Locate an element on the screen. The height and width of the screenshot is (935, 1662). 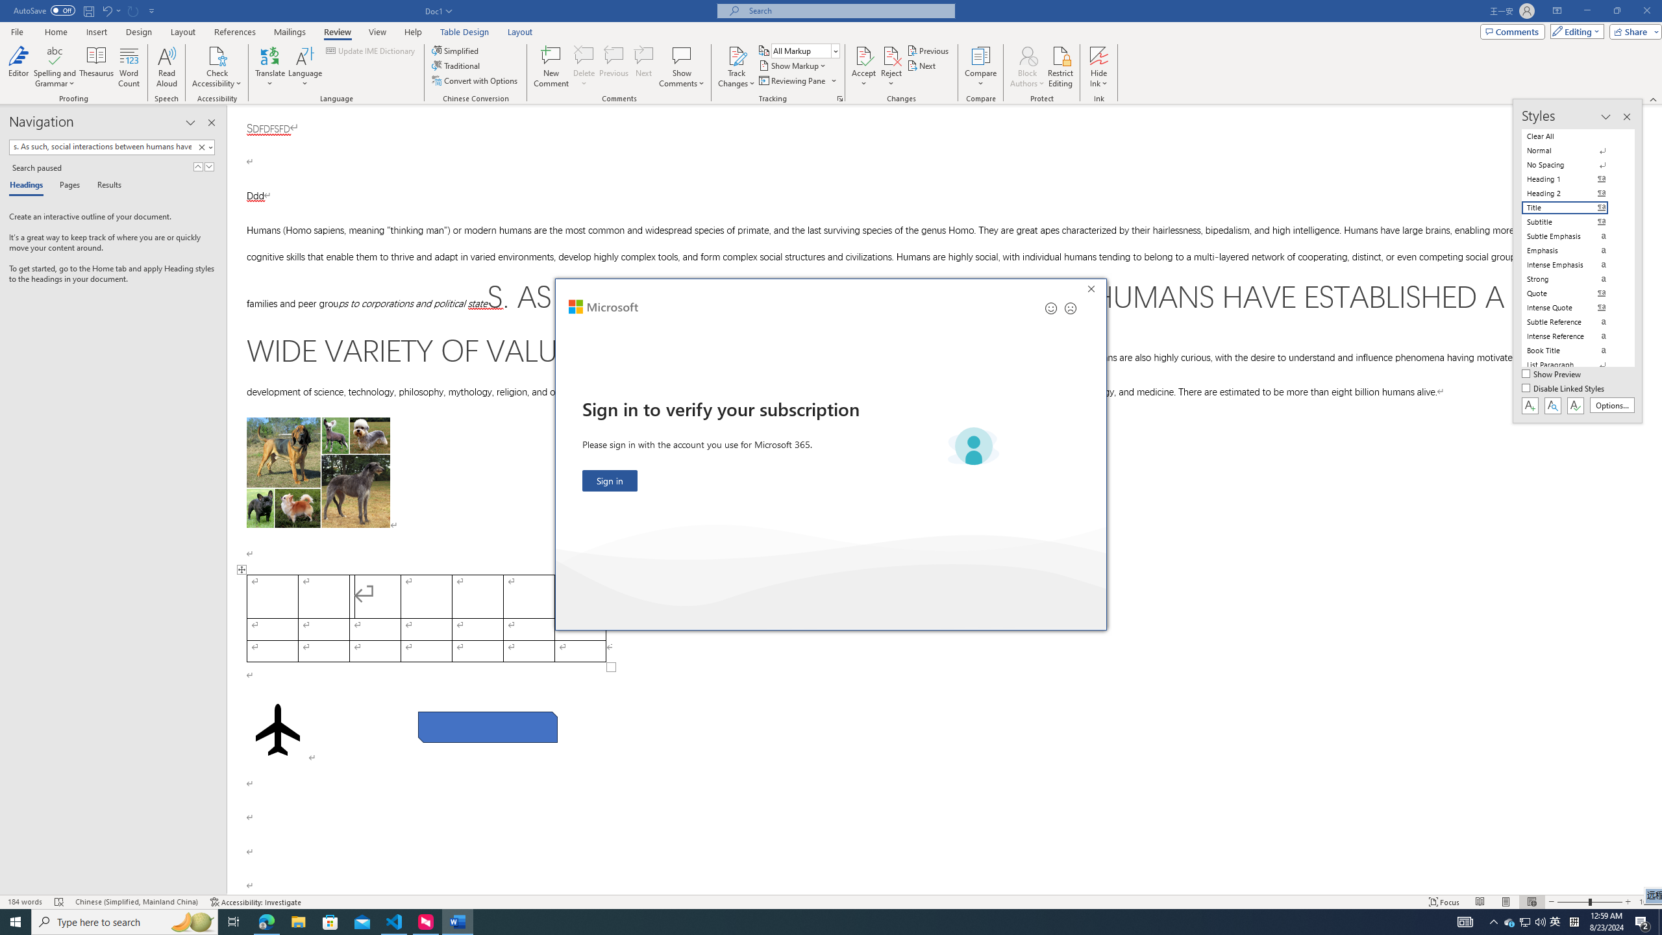
'Spelling and Grammar' is located at coordinates (55, 55).